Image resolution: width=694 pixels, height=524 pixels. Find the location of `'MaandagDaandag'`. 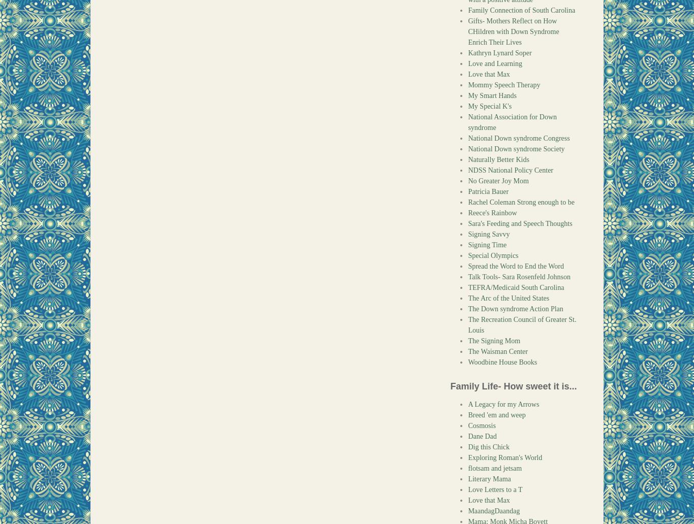

'MaandagDaandag' is located at coordinates (494, 510).